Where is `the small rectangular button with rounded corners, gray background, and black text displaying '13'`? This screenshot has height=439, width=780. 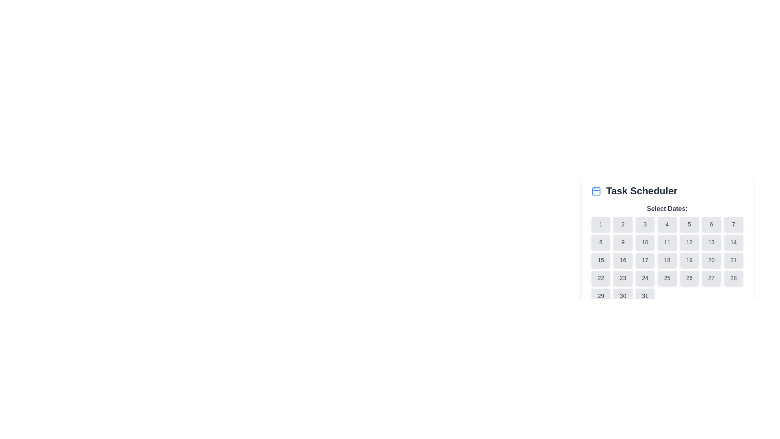
the small rectangular button with rounded corners, gray background, and black text displaying '13' is located at coordinates (711, 242).